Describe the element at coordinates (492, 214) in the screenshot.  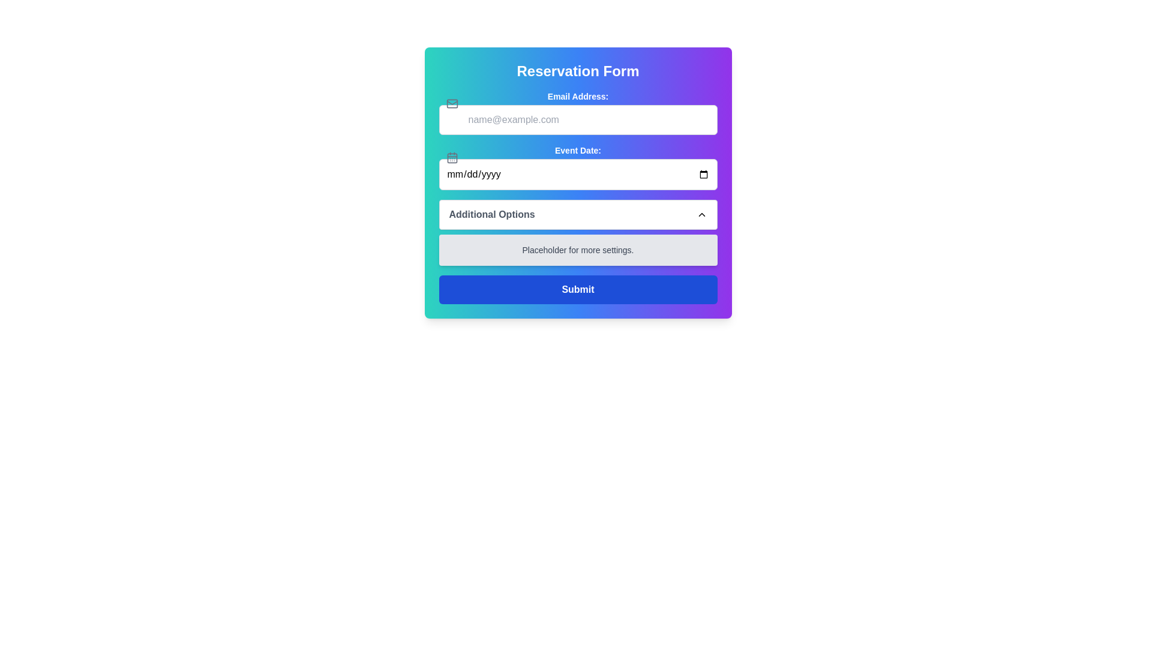
I see `the 'Additional Options' label, which is displayed in bold dark gray text within a white rectangular area with rounded corners` at that location.